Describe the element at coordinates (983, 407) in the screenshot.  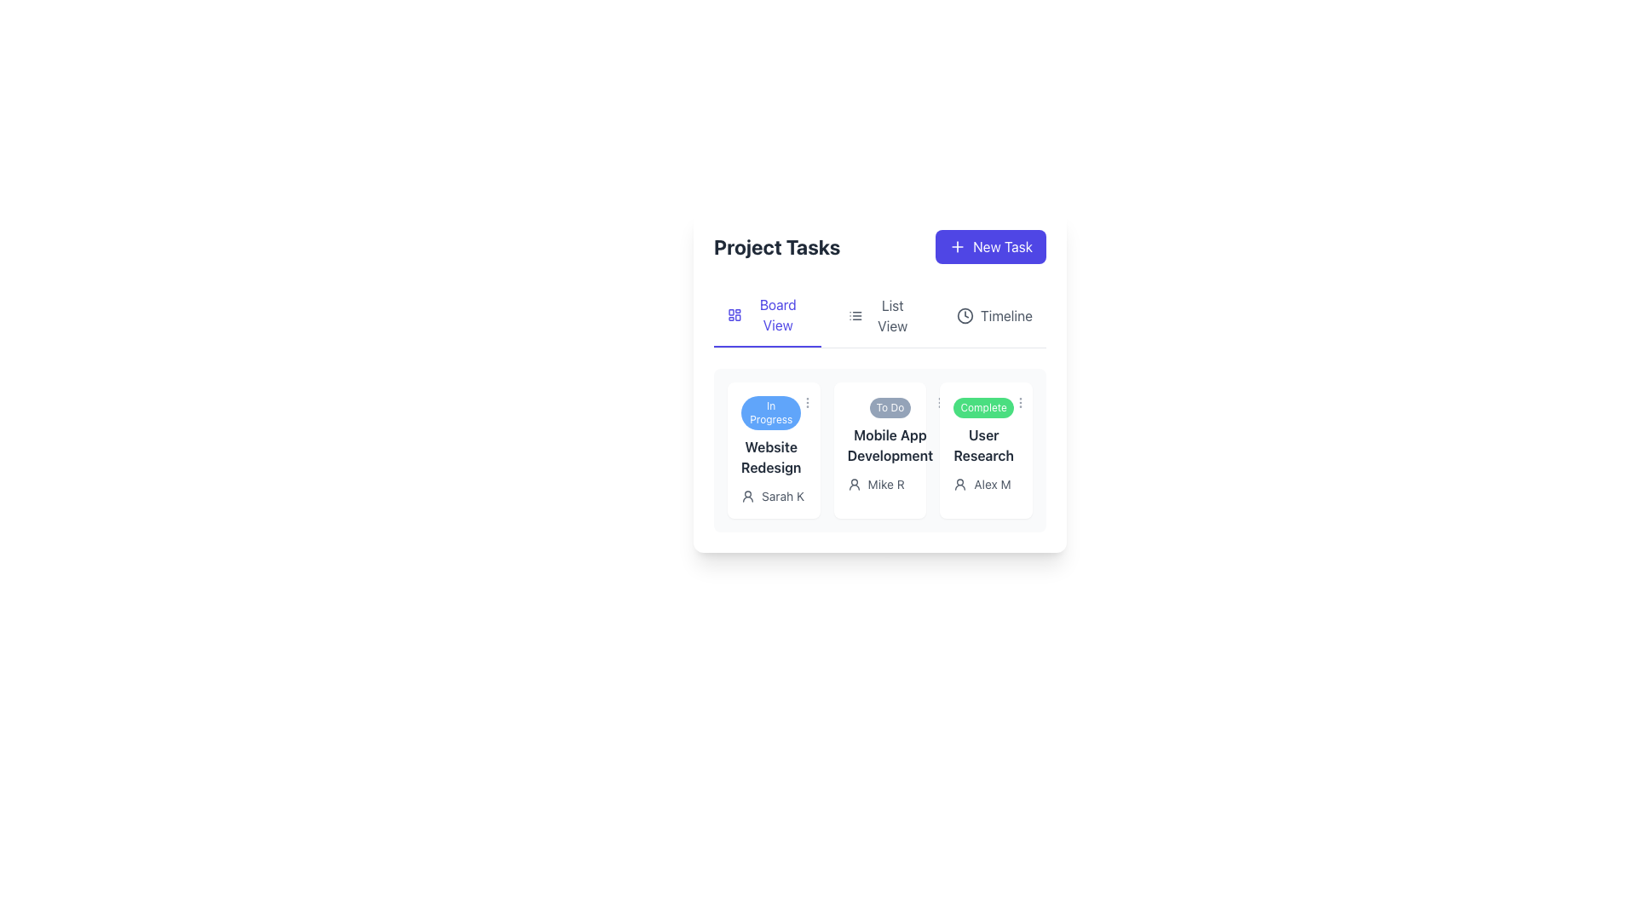
I see `the 'Complete' status label button located at the top of the 'User Research' panel, which has a green background and white text` at that location.